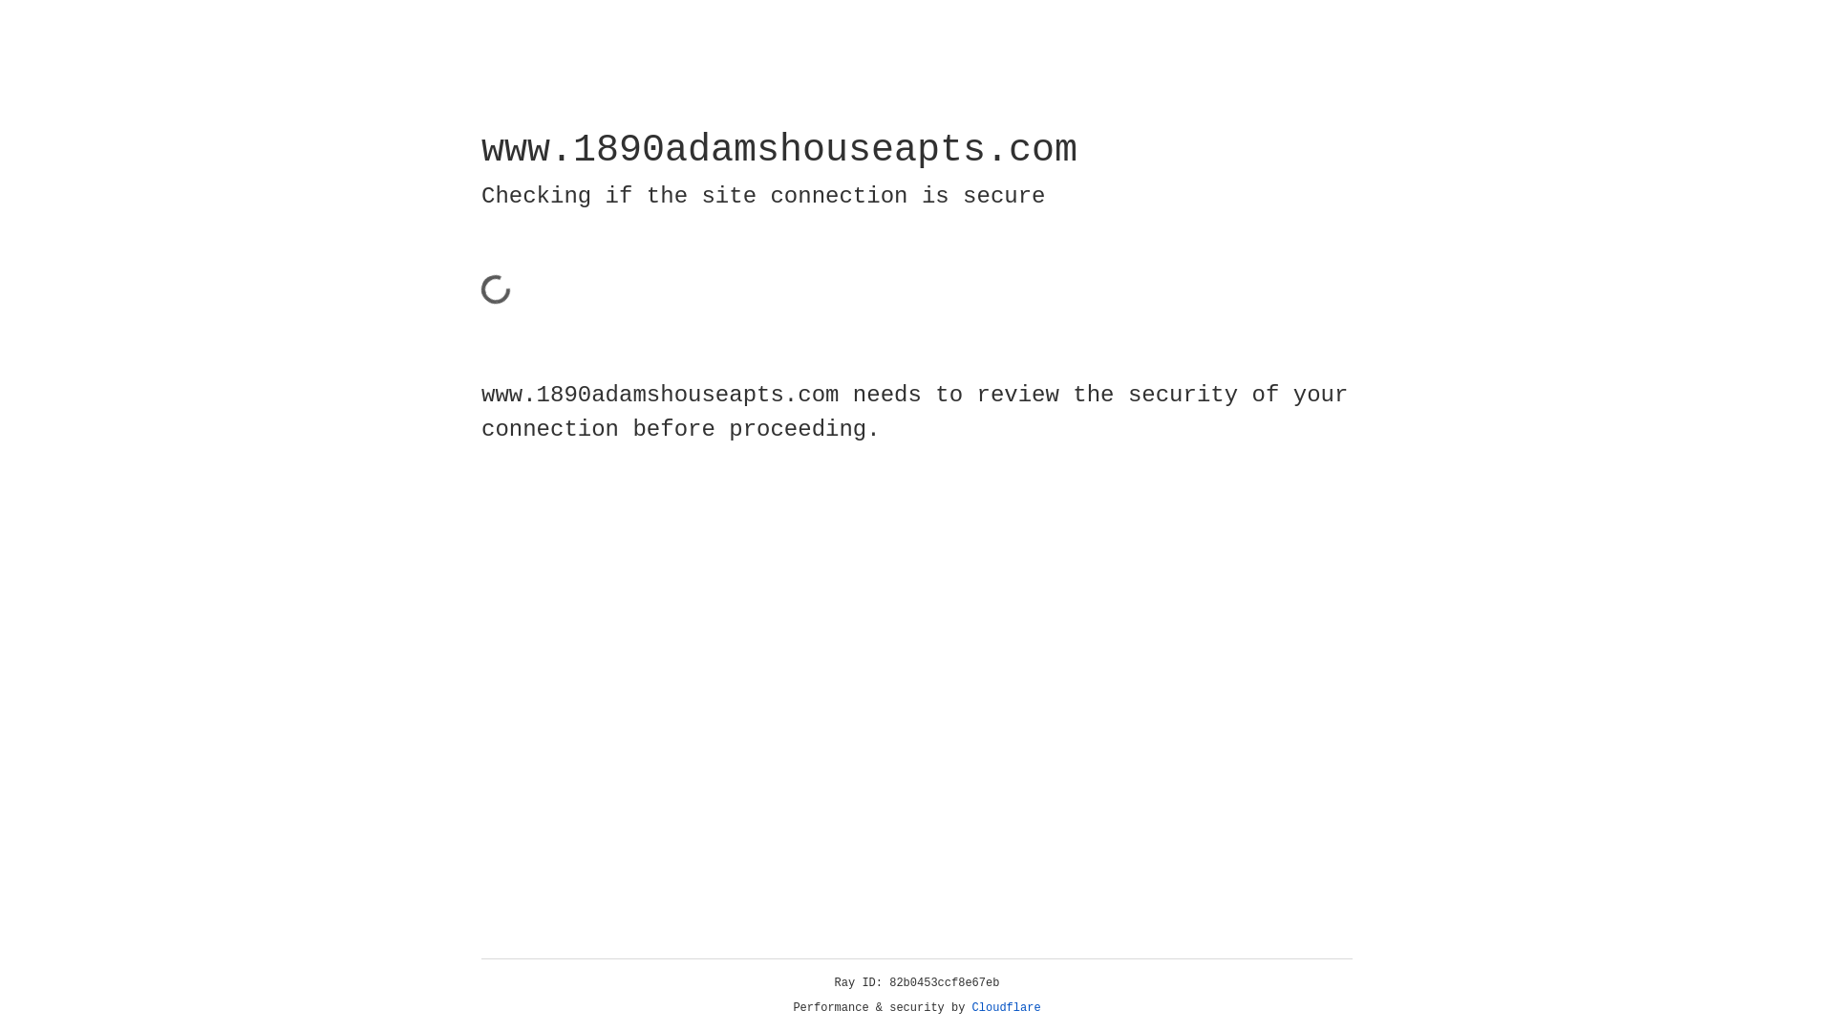  Describe the element at coordinates (1006, 1007) in the screenshot. I see `'Cloudflare'` at that location.